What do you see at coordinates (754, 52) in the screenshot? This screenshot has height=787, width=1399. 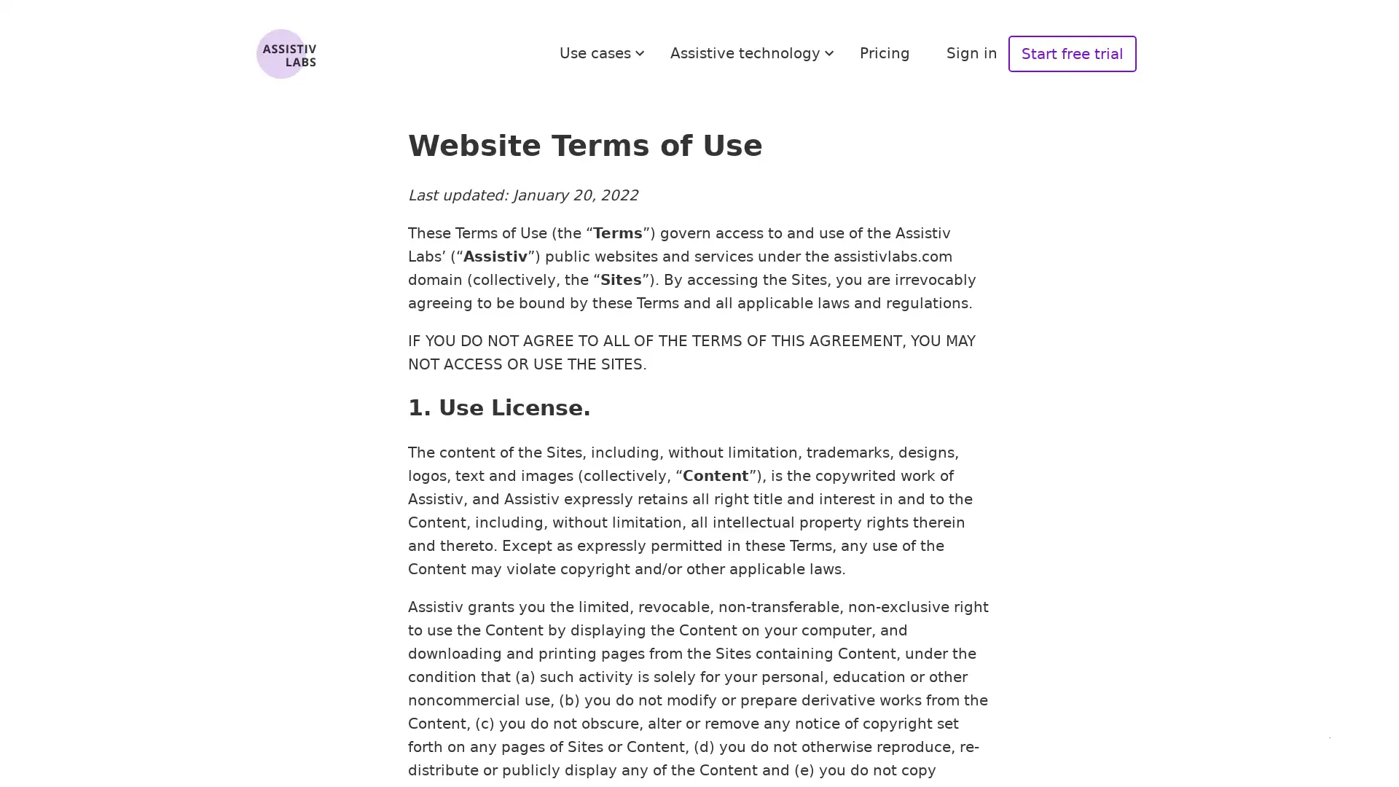 I see `Assistive technology` at bounding box center [754, 52].